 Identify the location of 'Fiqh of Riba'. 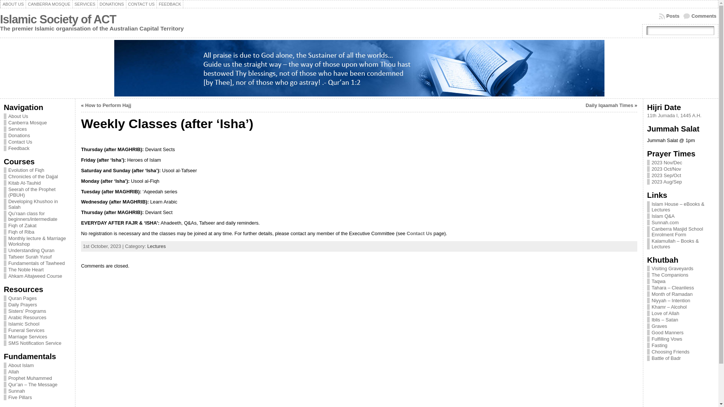
(37, 231).